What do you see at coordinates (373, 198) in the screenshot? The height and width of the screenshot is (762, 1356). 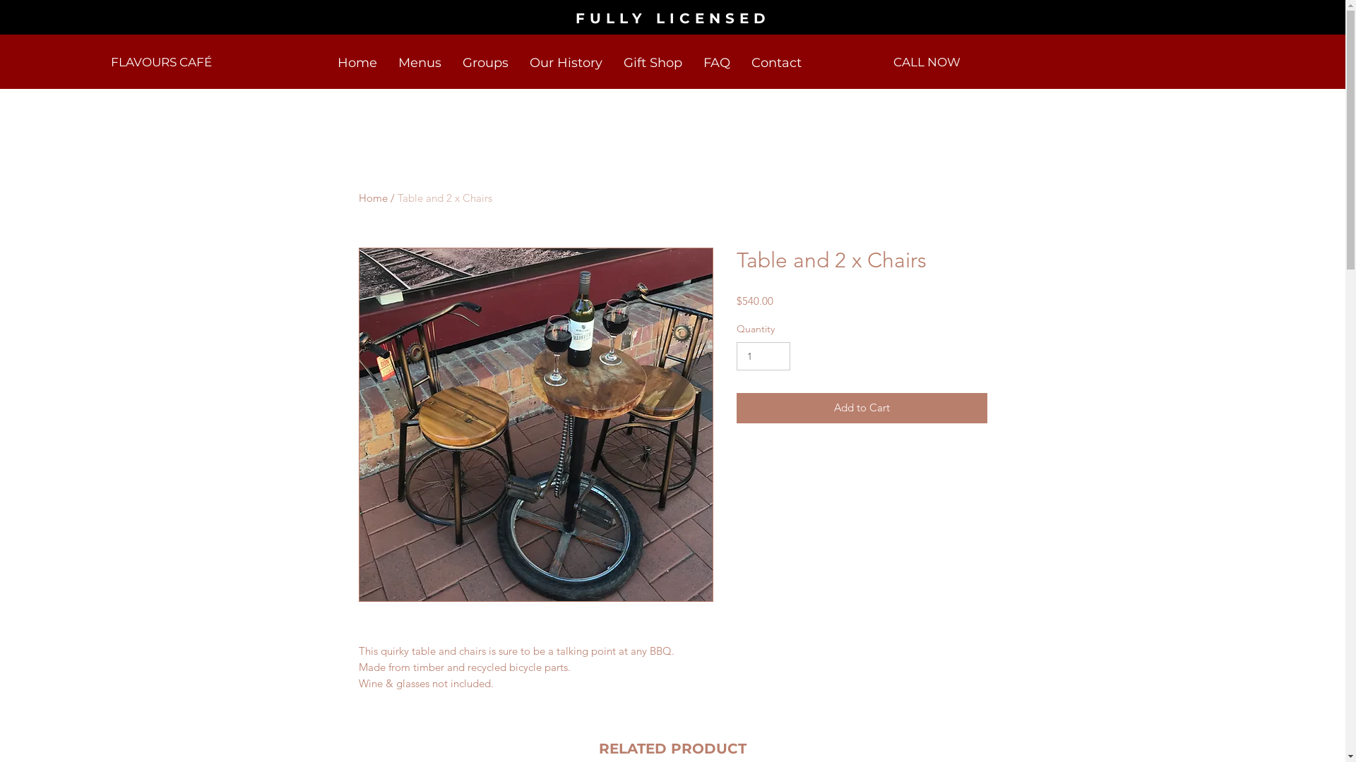 I see `'Home'` at bounding box center [373, 198].